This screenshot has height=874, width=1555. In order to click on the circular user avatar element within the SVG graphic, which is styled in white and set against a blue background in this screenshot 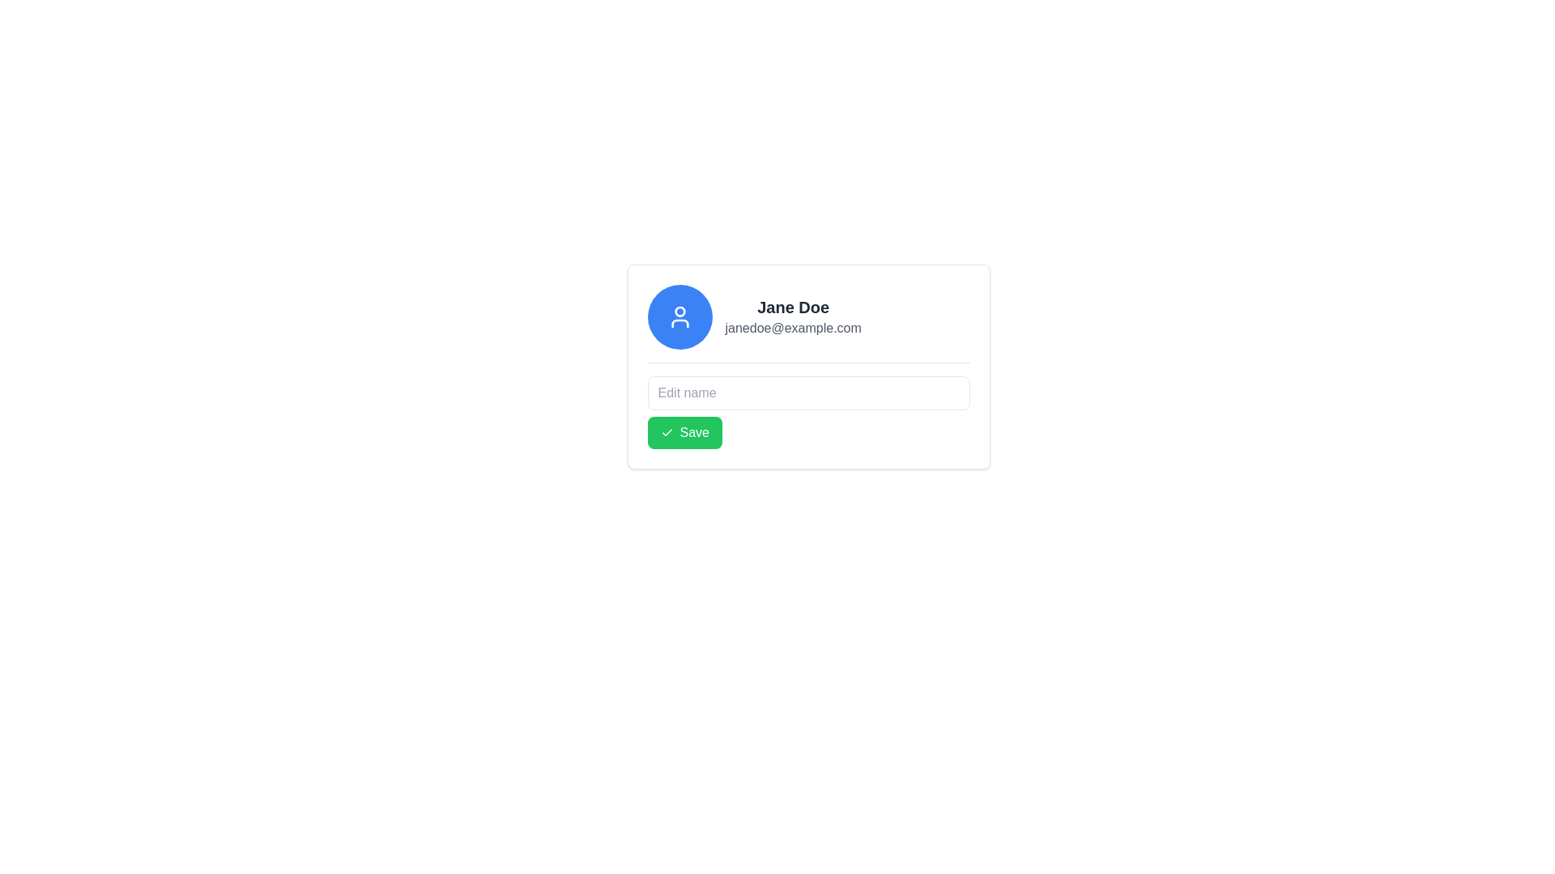, I will do `click(680, 312)`.